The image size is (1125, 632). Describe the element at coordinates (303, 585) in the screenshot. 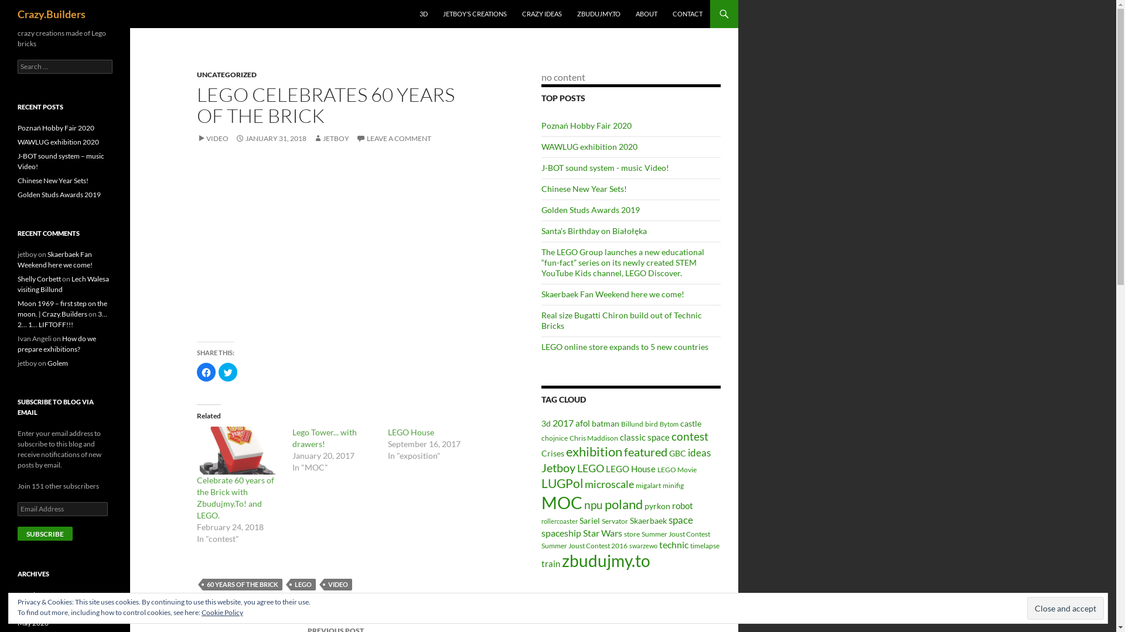

I see `'LEGO'` at that location.